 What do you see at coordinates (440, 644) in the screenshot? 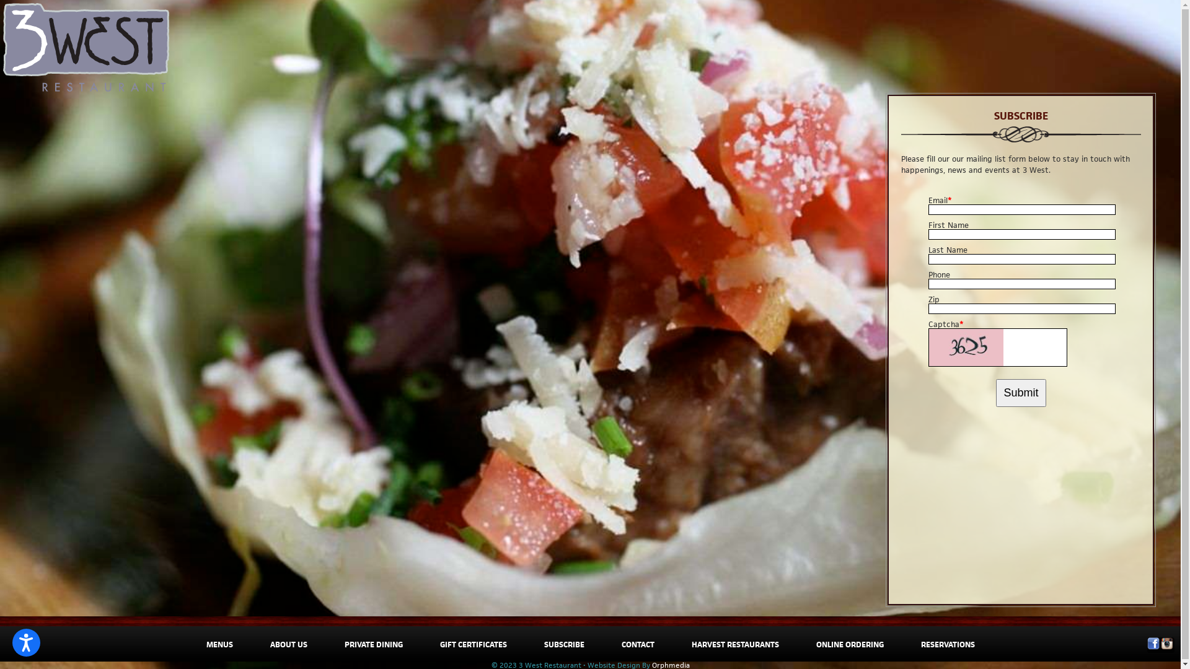
I see `'GIFT CERTIFICATES'` at bounding box center [440, 644].